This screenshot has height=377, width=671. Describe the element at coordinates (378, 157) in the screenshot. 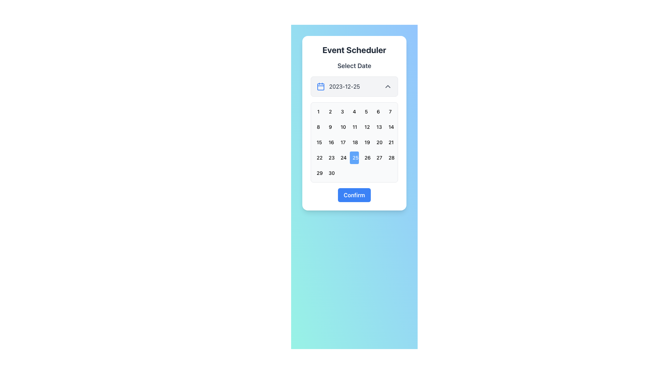

I see `the selectable date button (27th) in the calendar widget located in the fourth row and sixth column` at that location.